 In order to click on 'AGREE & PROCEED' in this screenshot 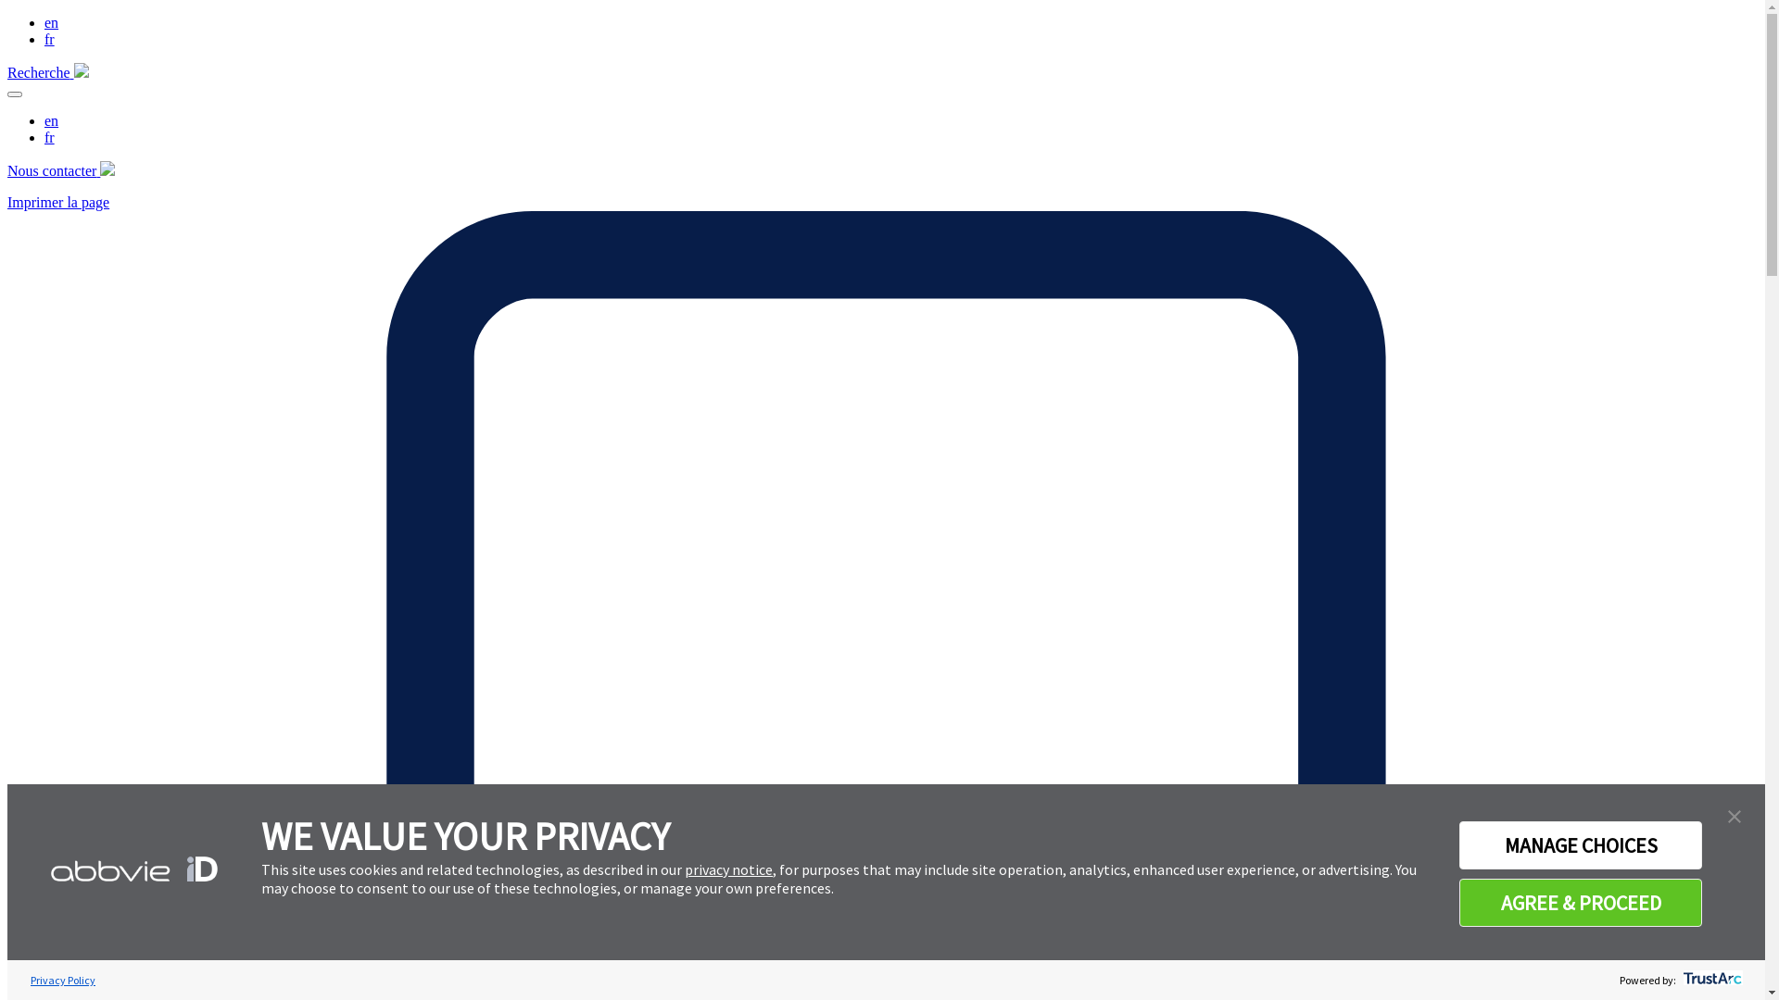, I will do `click(1579, 902)`.